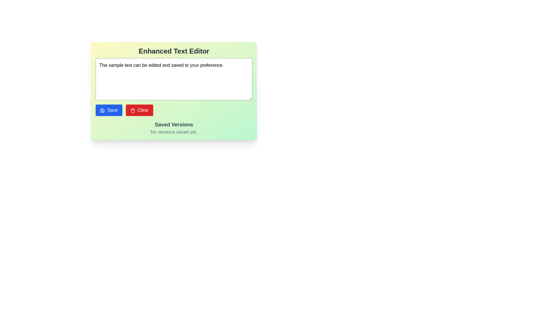 This screenshot has width=553, height=311. Describe the element at coordinates (174, 51) in the screenshot. I see `the static text element that serves as the title or label for the interface, indicating the purpose of the section below it` at that location.